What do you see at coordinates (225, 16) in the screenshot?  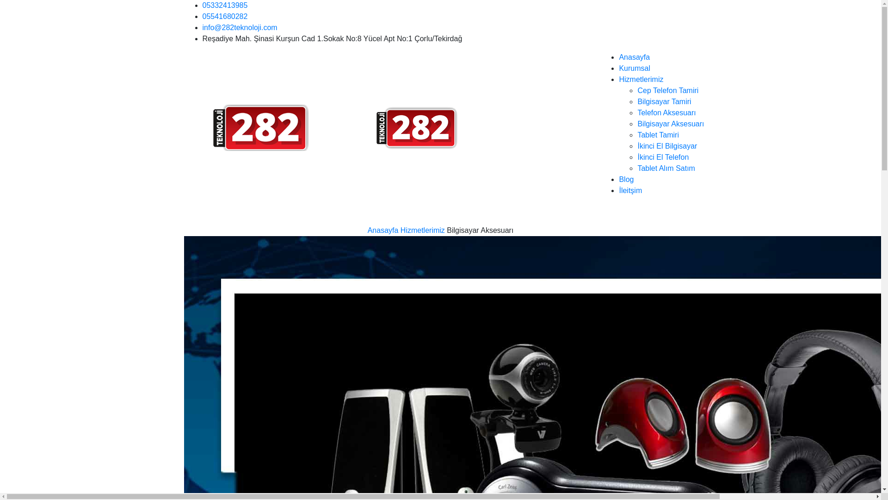 I see `'05541680282'` at bounding box center [225, 16].